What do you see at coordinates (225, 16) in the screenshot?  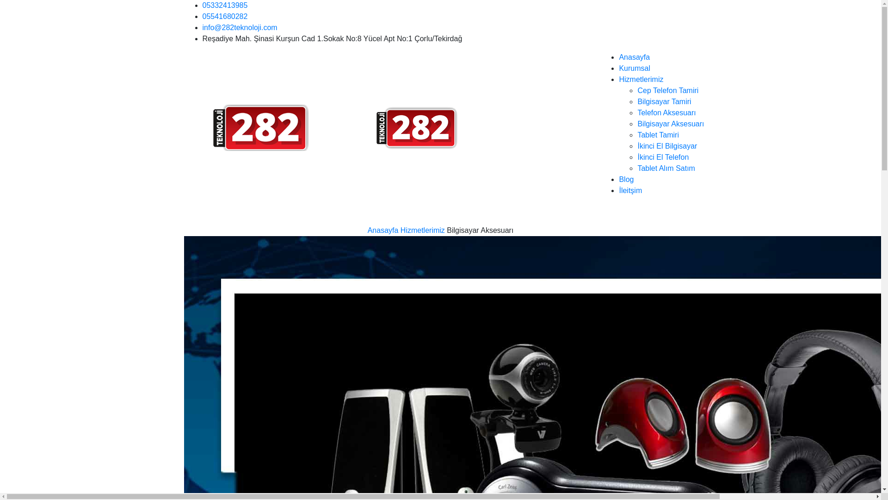 I see `'05541680282'` at bounding box center [225, 16].